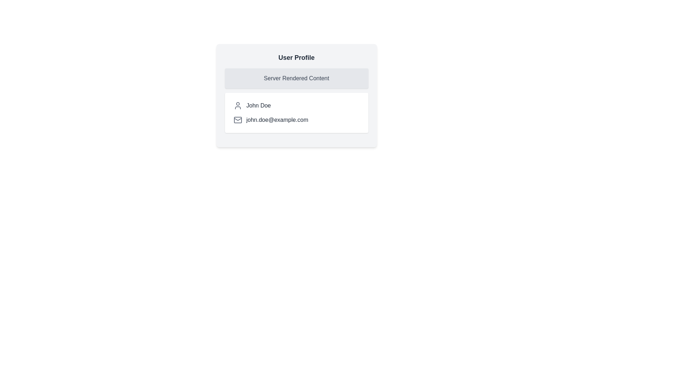 This screenshot has width=688, height=387. What do you see at coordinates (296, 120) in the screenshot?
I see `the Label with Icon displaying an email address below 'John Doe' in the 'User Profile' section` at bounding box center [296, 120].